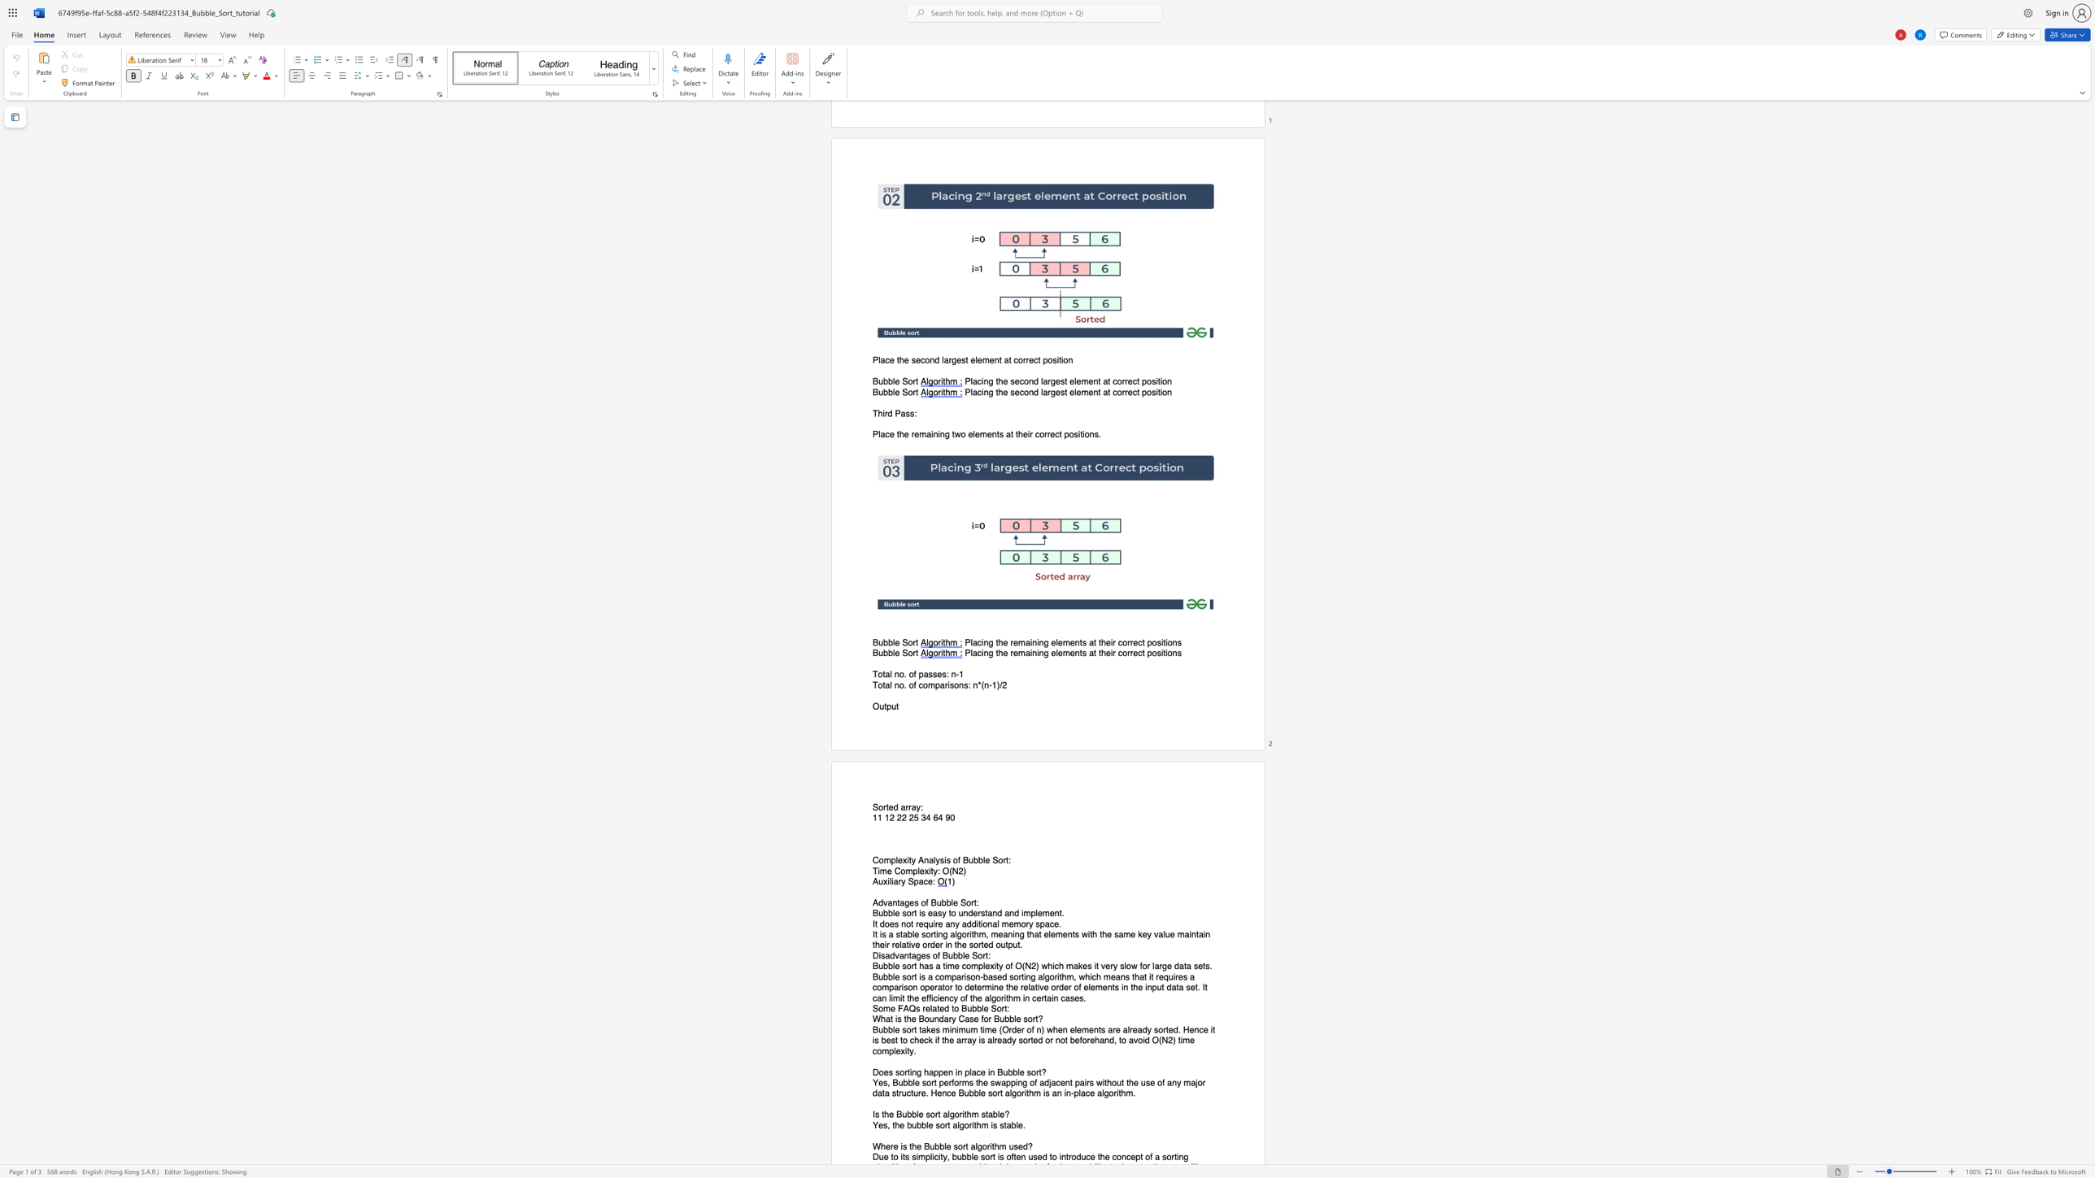 This screenshot has height=1178, width=2095. What do you see at coordinates (904, 685) in the screenshot?
I see `the subset text ". of comparisons: n*" within the text "Total no. of comparisons: n*(n-1)/2"` at bounding box center [904, 685].